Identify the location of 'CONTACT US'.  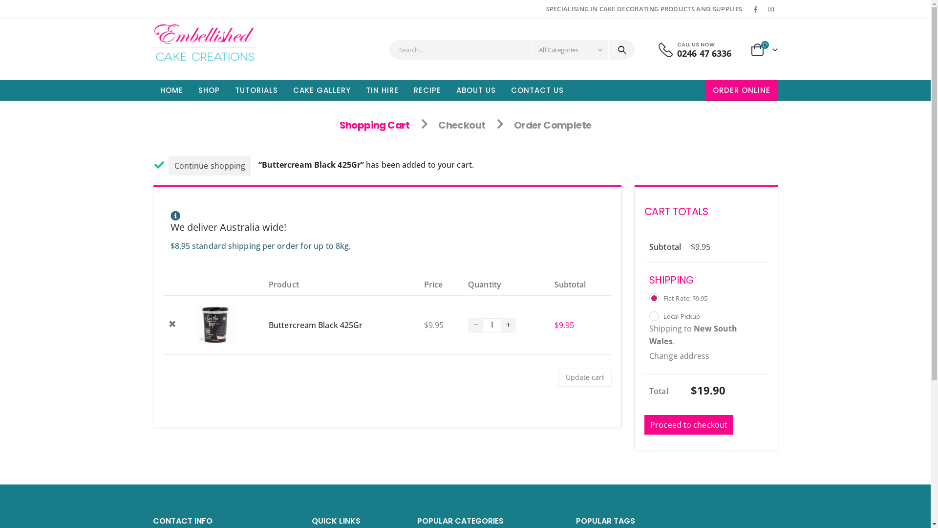
(536, 90).